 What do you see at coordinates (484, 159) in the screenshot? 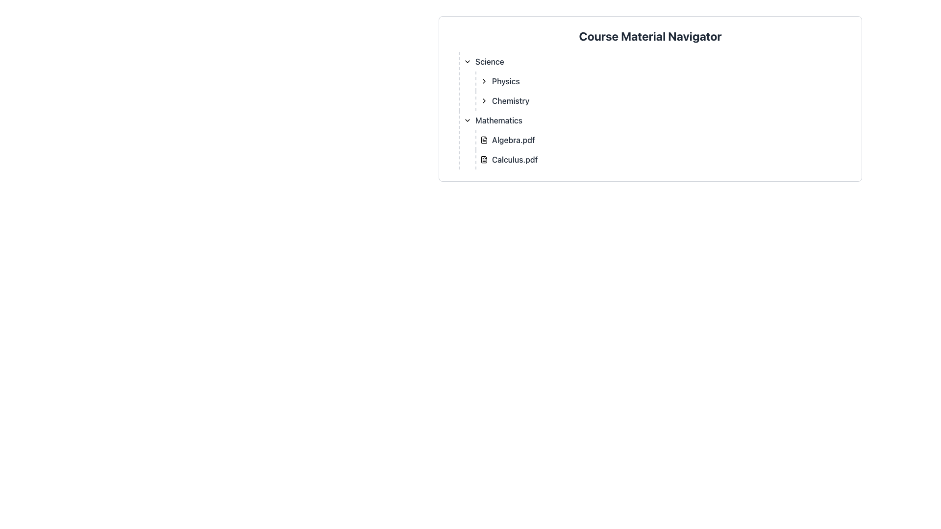
I see `the SVG-based icon resembling a file or document next to the text 'Calculus.pdf' in the 'Mathematics' section of the Course Material Navigator` at bounding box center [484, 159].